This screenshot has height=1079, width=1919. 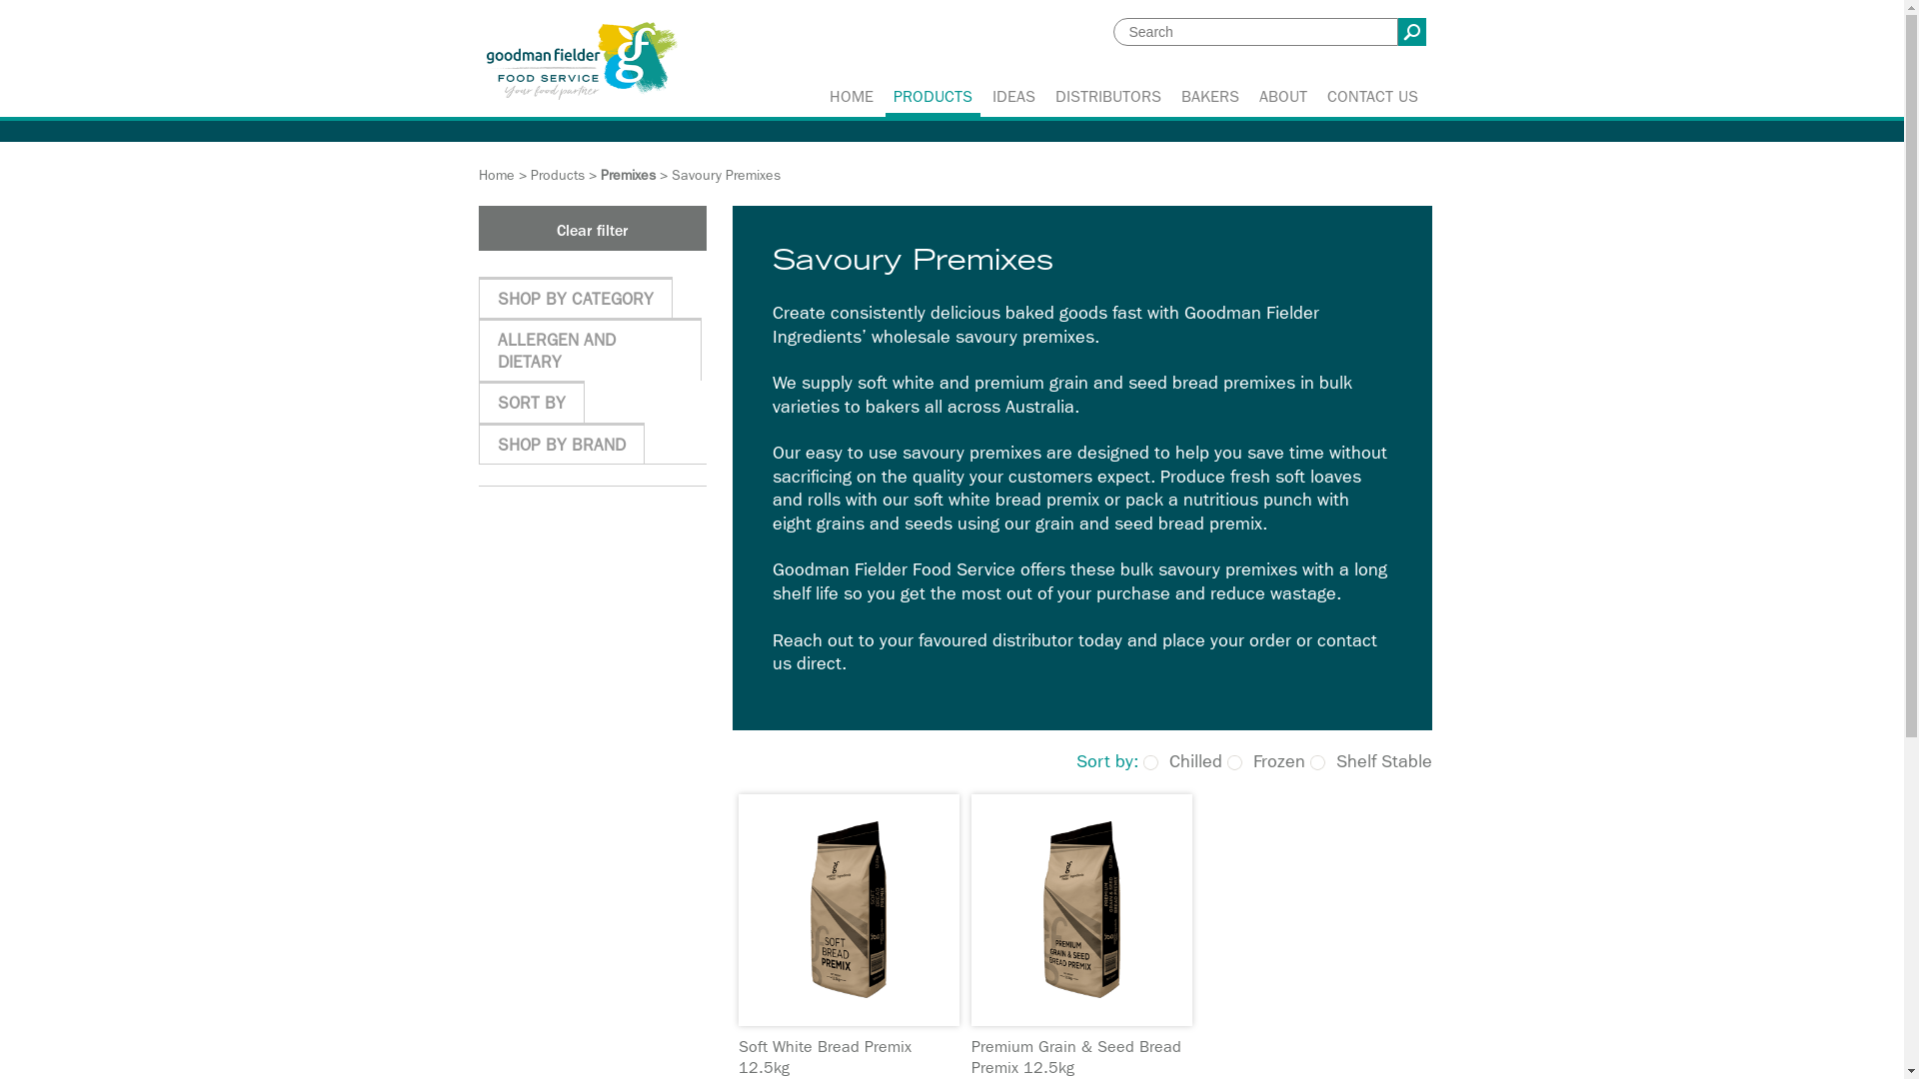 What do you see at coordinates (737, 909) in the screenshot?
I see `'Go to Soft White Bread Premix 12.5kg product page'` at bounding box center [737, 909].